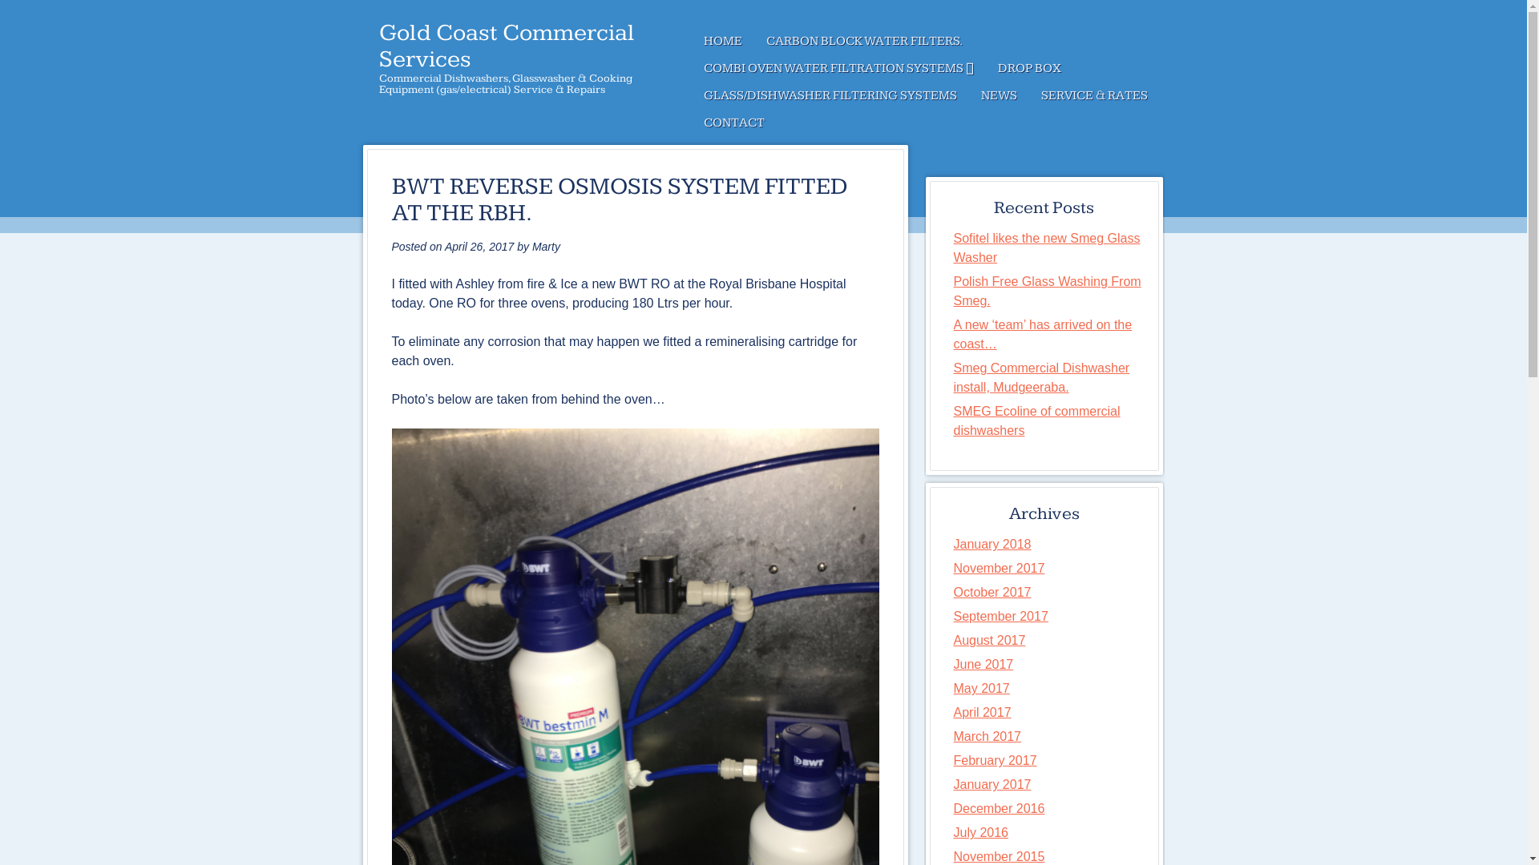  Describe the element at coordinates (984, 67) in the screenshot. I see `'DROP BOX'` at that location.